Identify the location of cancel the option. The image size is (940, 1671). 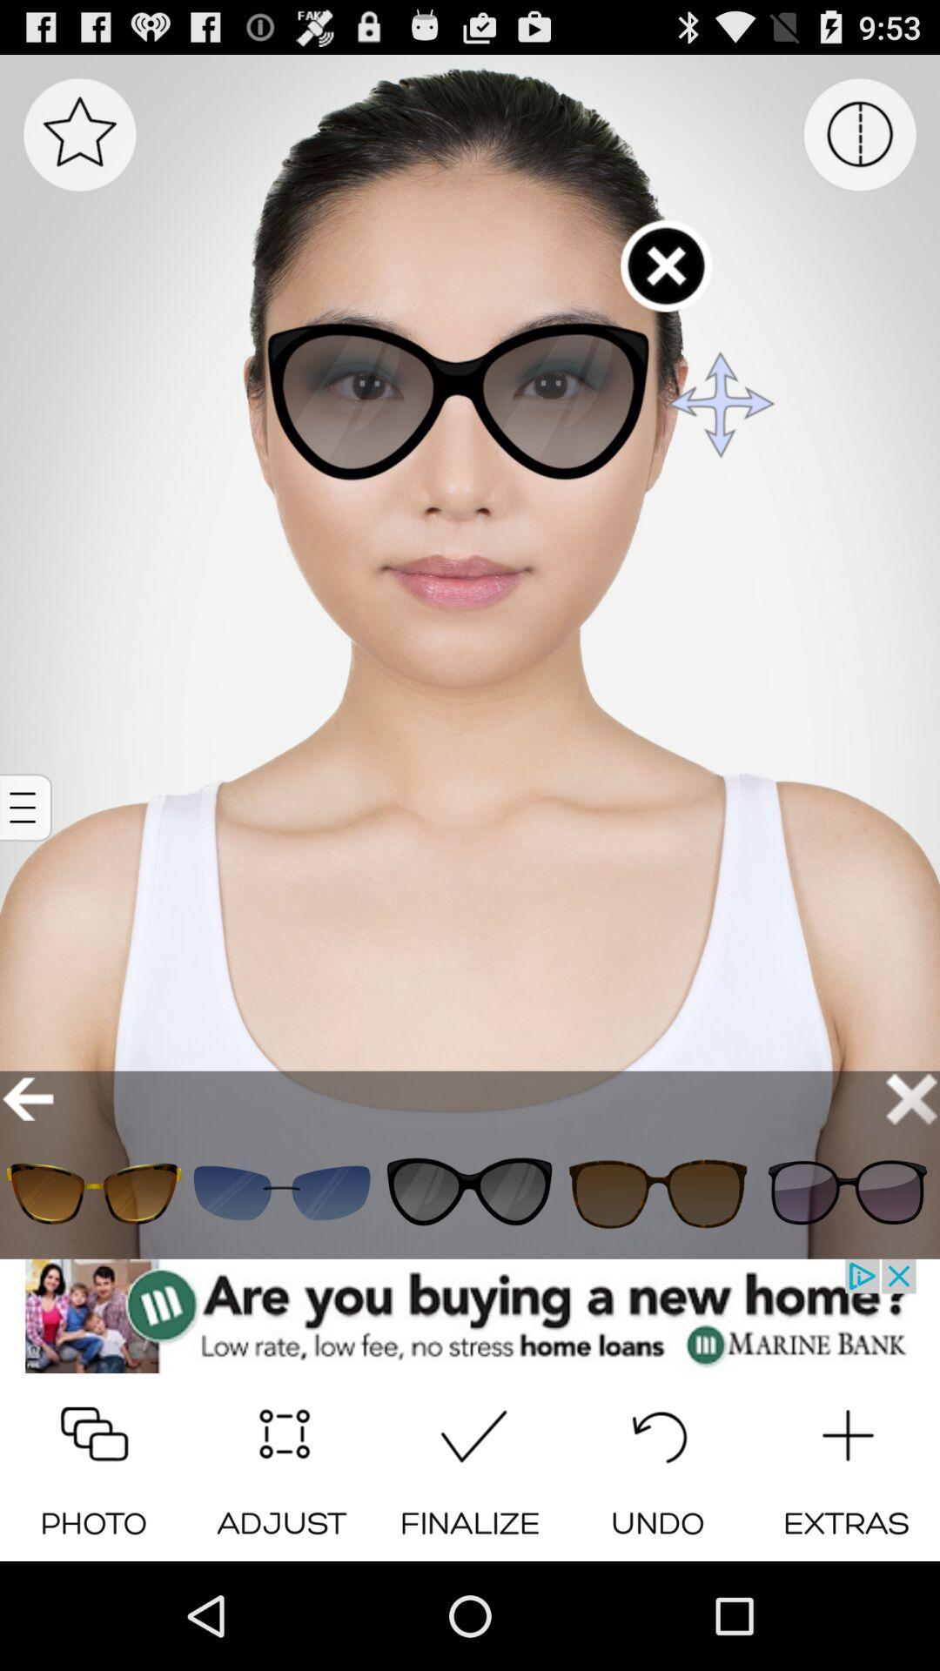
(910, 1097).